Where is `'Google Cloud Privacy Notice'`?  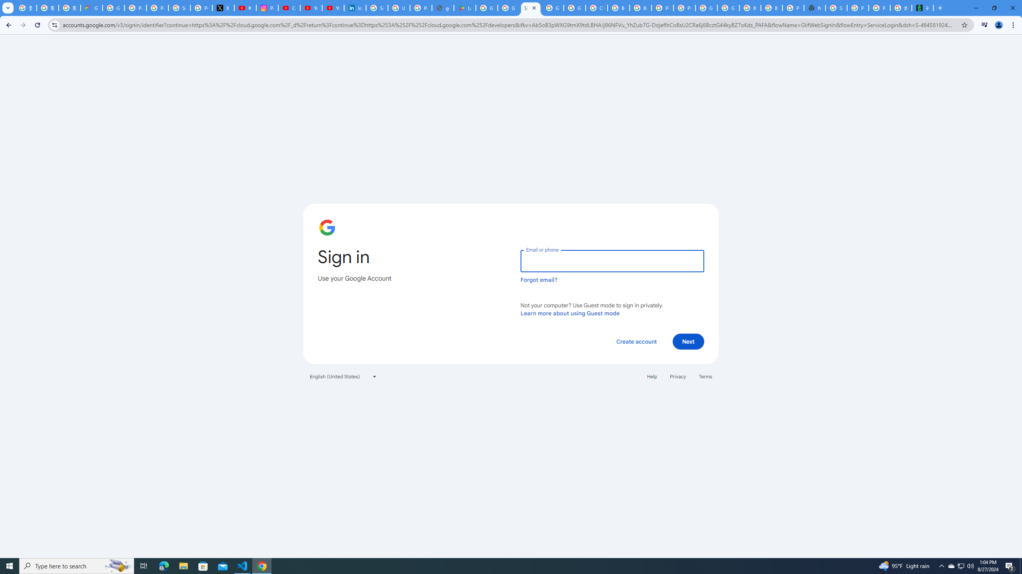 'Google Cloud Privacy Notice' is located at coordinates (91, 8).